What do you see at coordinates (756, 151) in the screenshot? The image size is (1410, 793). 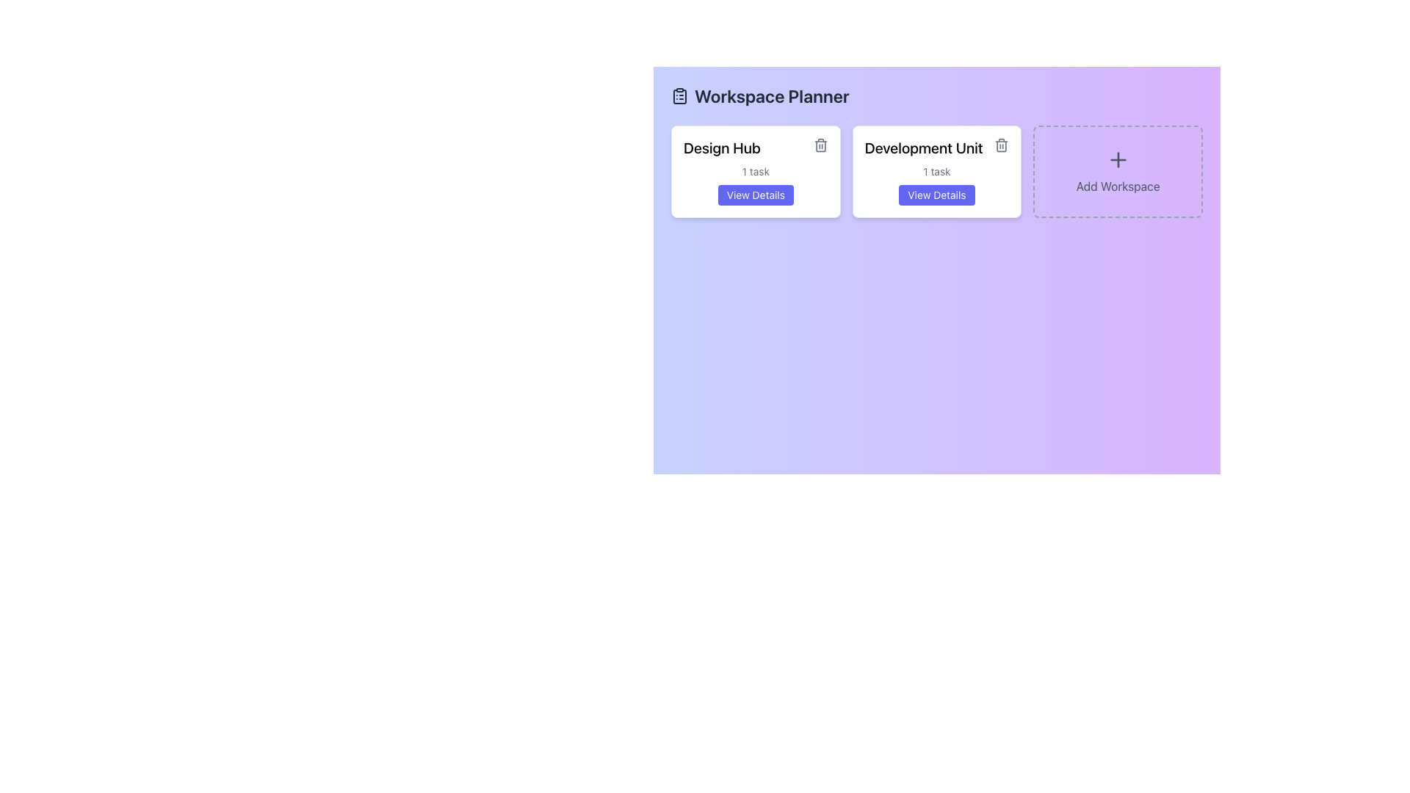 I see `the title Text Label located at the top of the leftmost white card in the workspace section, adjacent to the elements below it` at bounding box center [756, 151].